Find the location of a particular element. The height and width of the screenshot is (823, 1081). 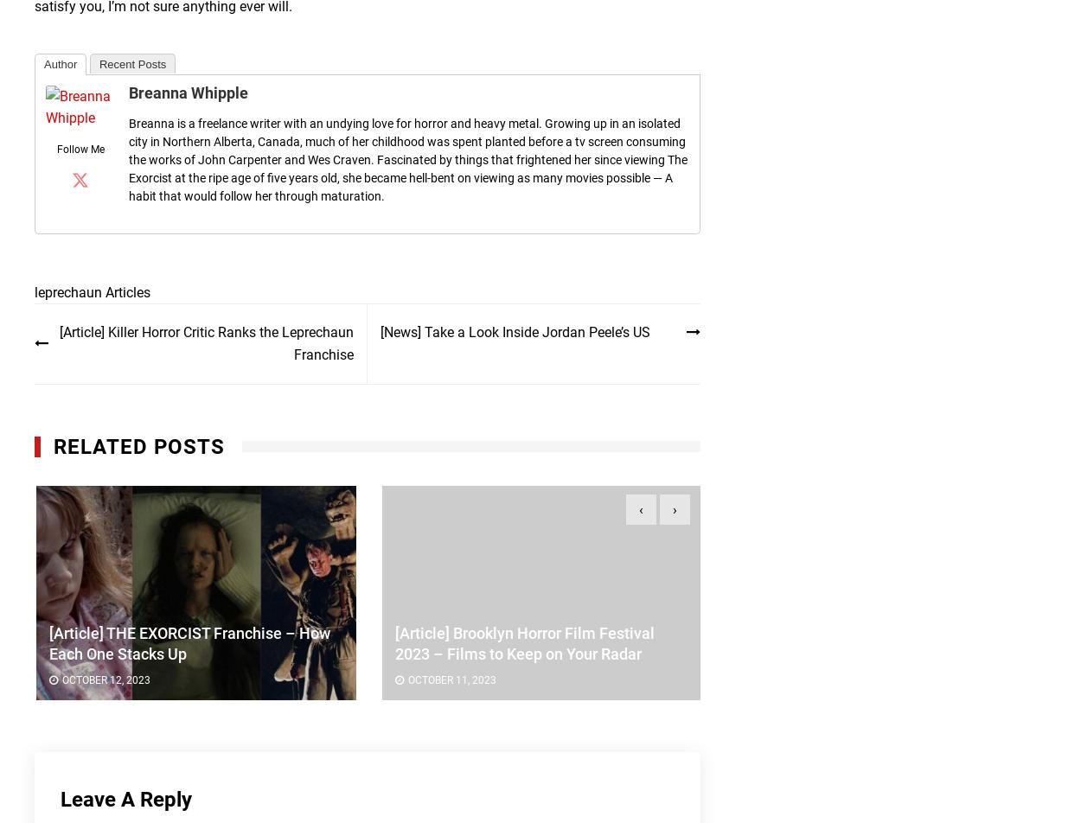

'Leave a Reply' is located at coordinates (126, 799).